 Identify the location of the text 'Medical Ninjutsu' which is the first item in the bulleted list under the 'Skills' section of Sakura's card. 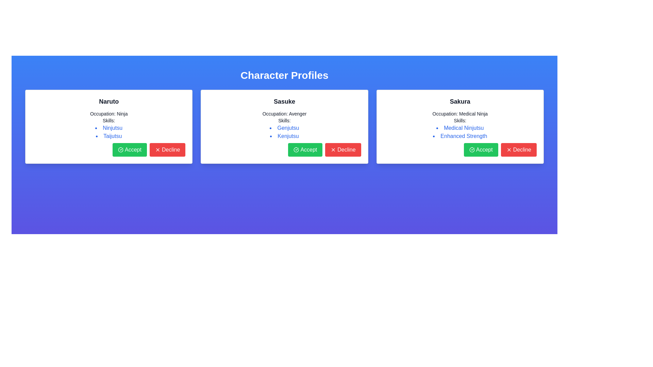
(460, 128).